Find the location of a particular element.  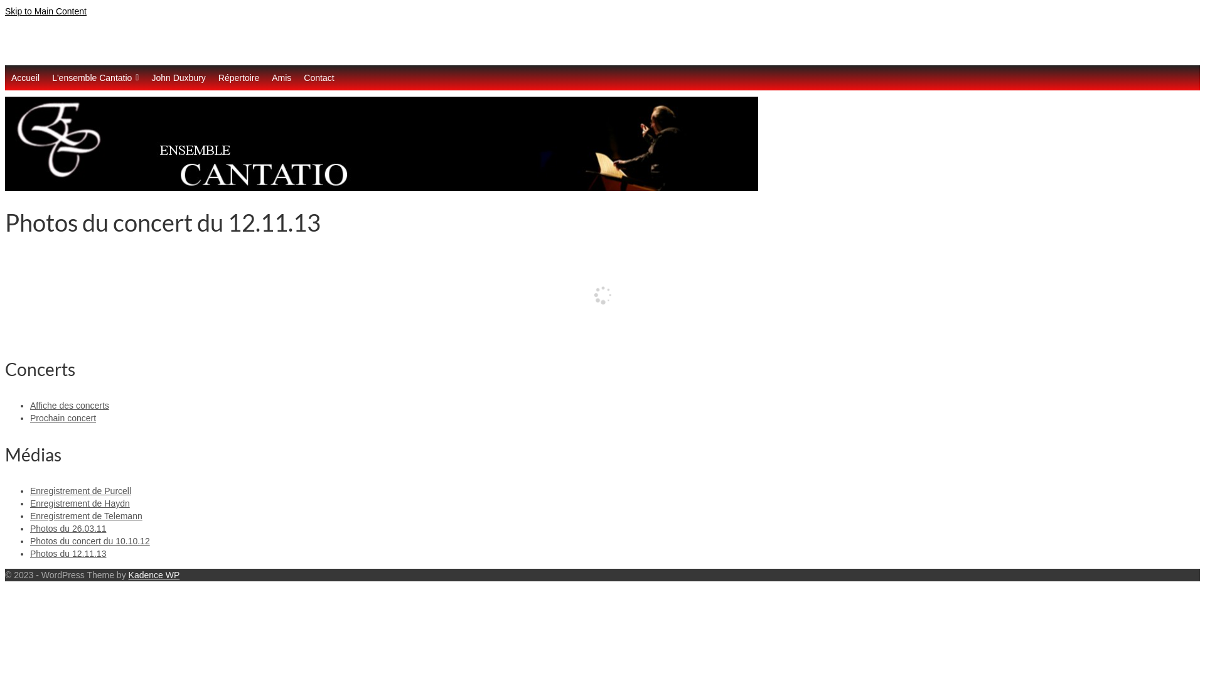

'Photos du 12.11.13' is located at coordinates (67, 553).